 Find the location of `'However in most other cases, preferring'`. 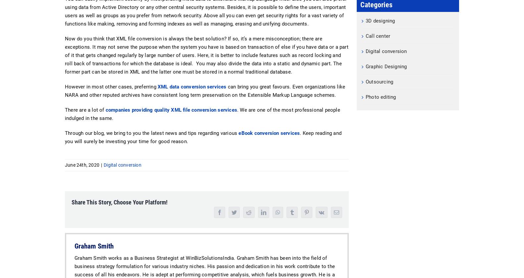

'However in most other cases, preferring' is located at coordinates (111, 87).